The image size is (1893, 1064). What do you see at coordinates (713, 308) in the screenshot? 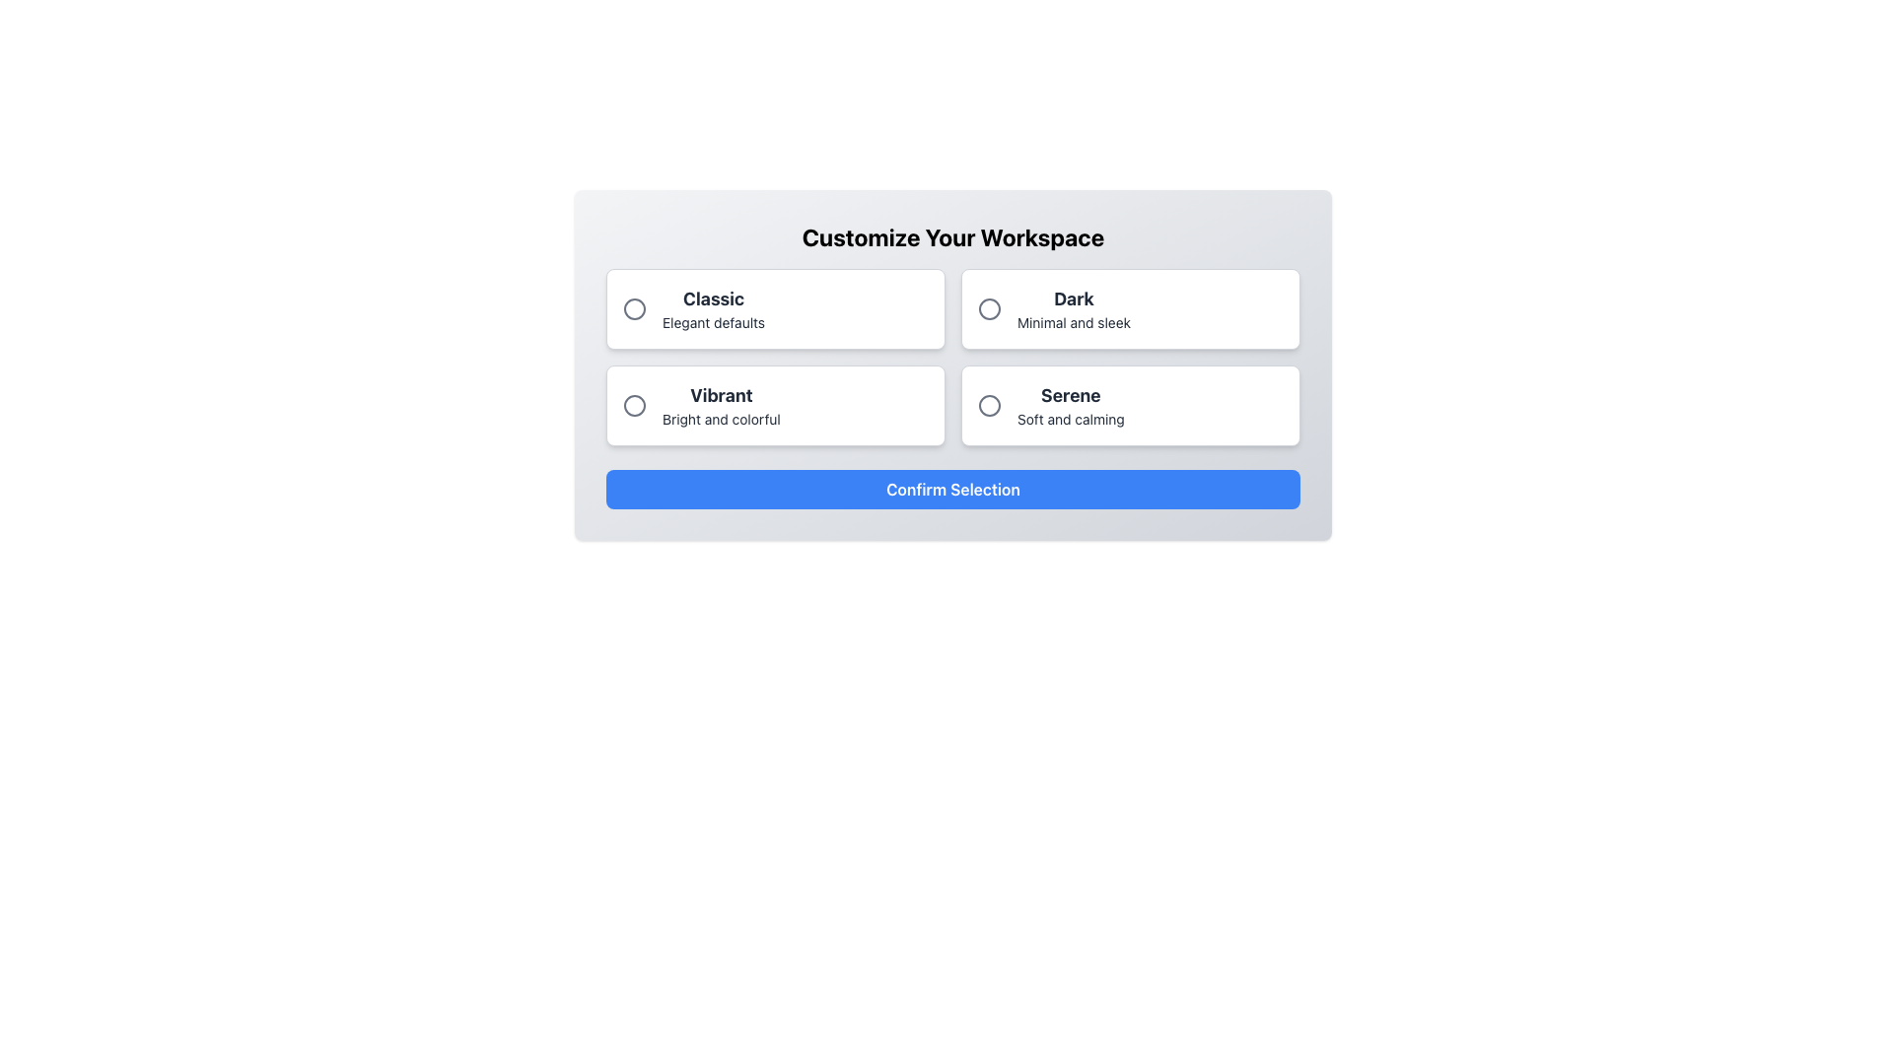
I see `the text label displaying the selectable option for customizing the workspace theme, which highlights the theme name 'Classic' and includes the description 'Elegant defaults'` at bounding box center [713, 308].